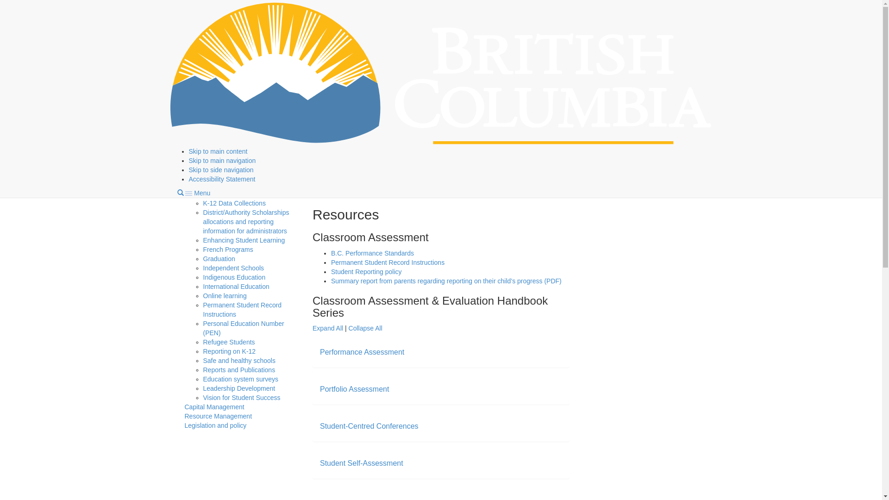  Describe the element at coordinates (234, 276) in the screenshot. I see `'Indigenous Education'` at that location.